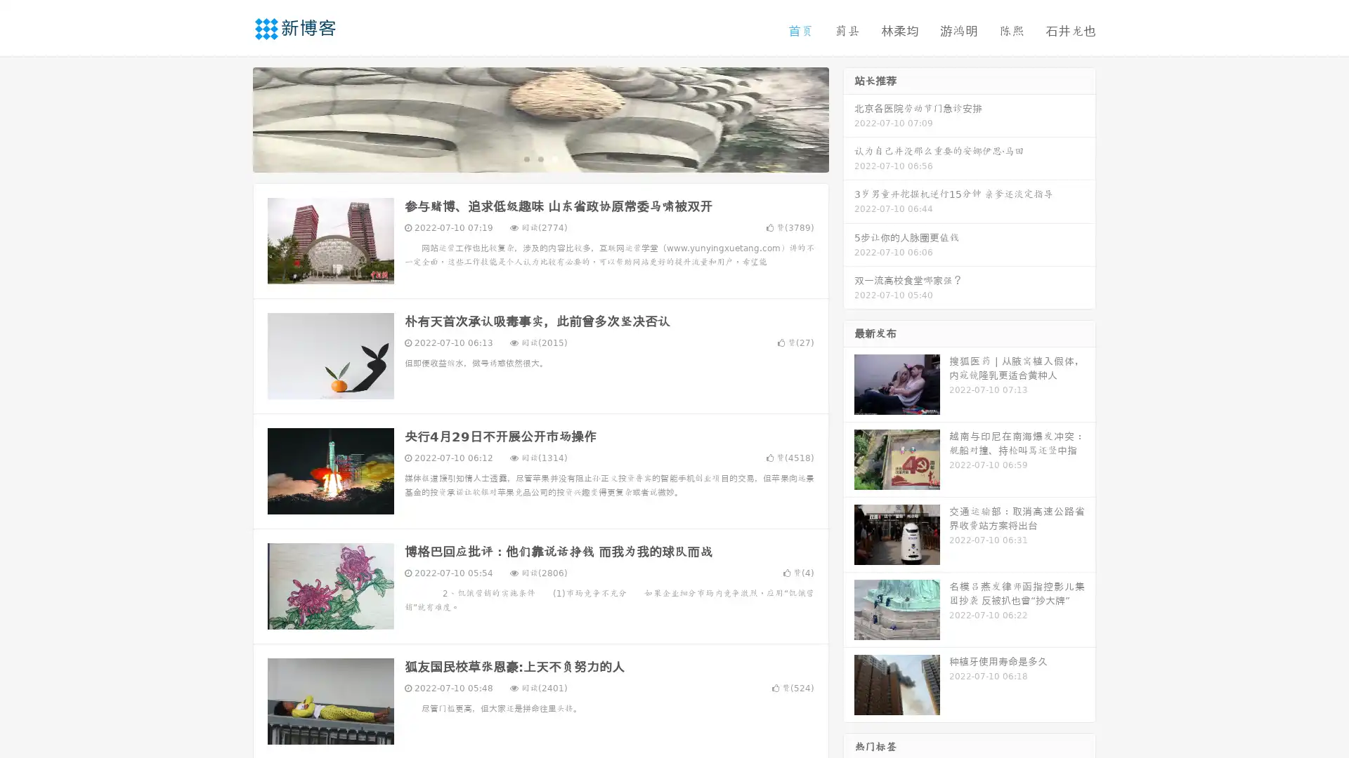 The width and height of the screenshot is (1349, 758). Describe the element at coordinates (540, 158) in the screenshot. I see `Go to slide 2` at that location.